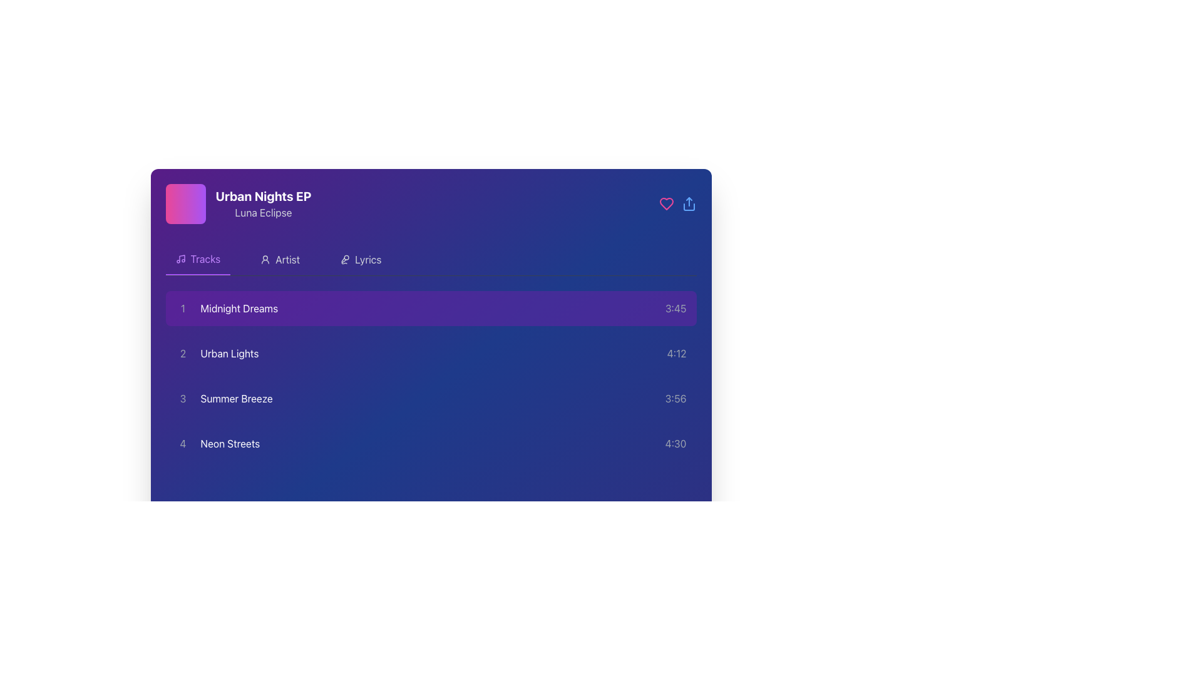 The height and width of the screenshot is (676, 1202). Describe the element at coordinates (279, 259) in the screenshot. I see `the 'Artist' button, which is the second button in a horizontal navigation bar featuring a user silhouette icon and a hover effect that changes its color` at that location.